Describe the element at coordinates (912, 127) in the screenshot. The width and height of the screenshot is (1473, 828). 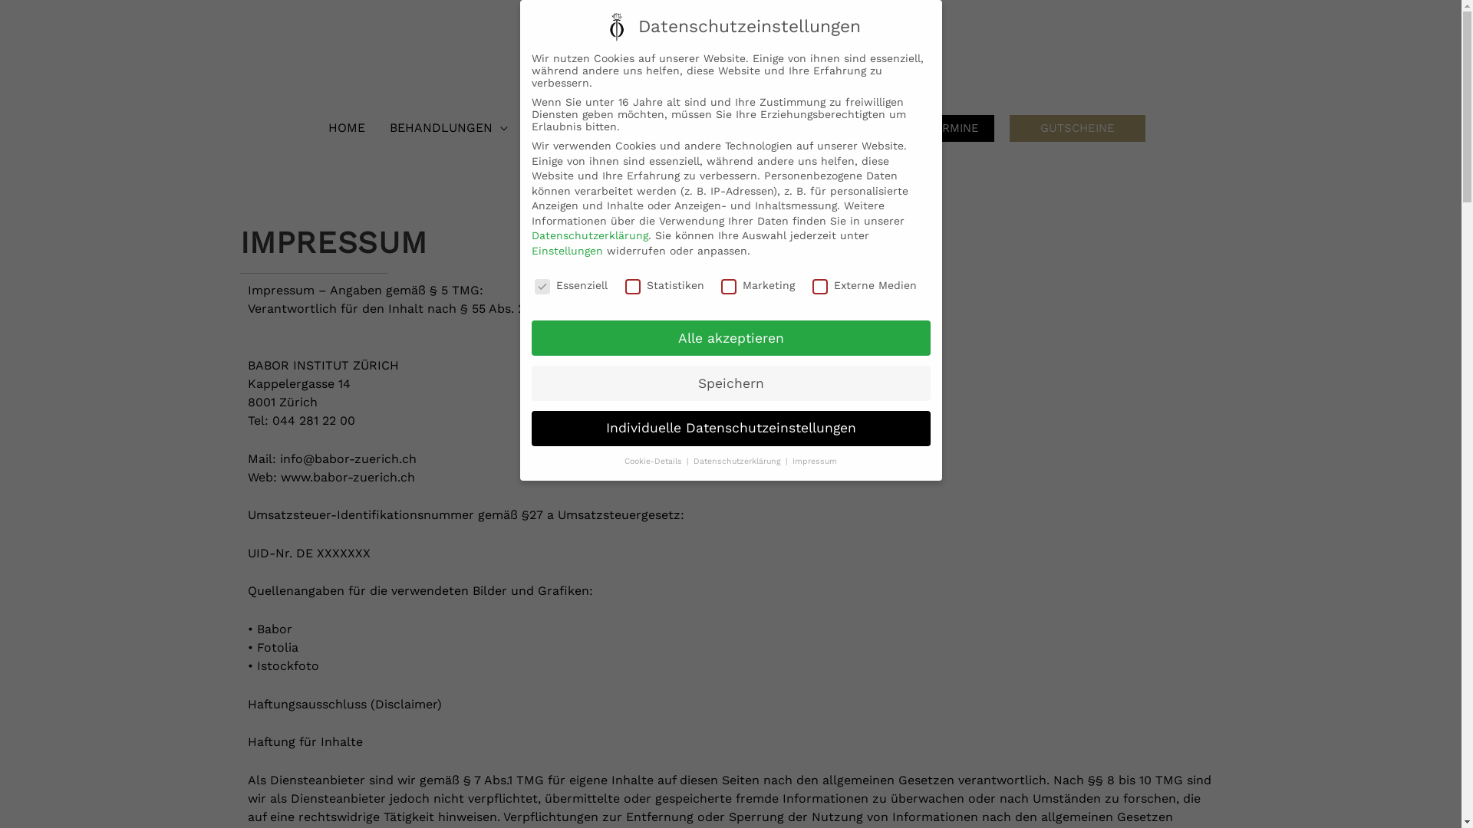
I see `'TERMINE'` at that location.